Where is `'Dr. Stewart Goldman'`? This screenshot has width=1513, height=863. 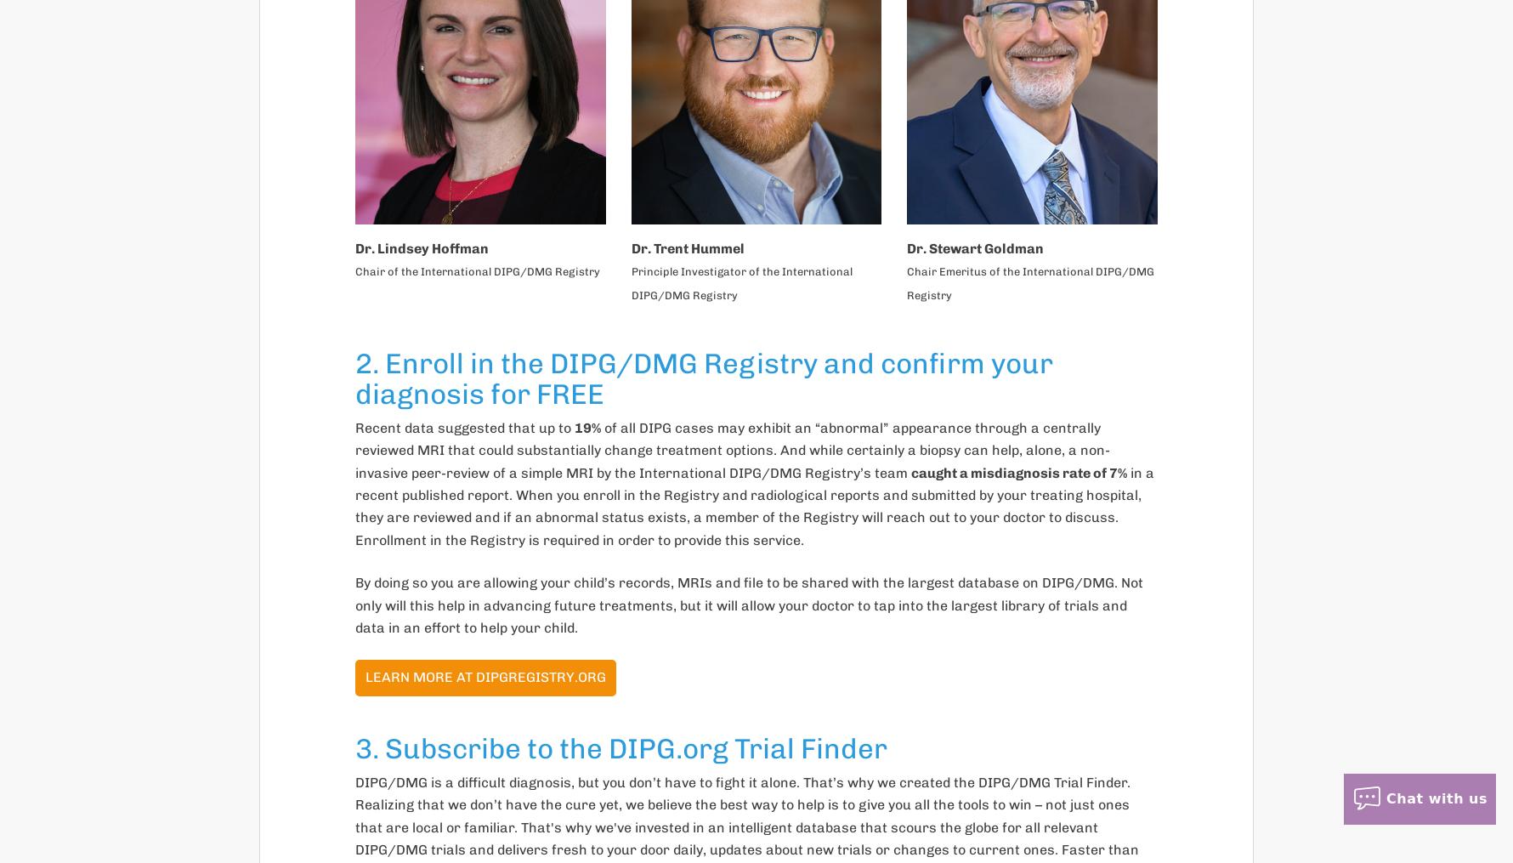 'Dr. Stewart Goldman' is located at coordinates (974, 247).